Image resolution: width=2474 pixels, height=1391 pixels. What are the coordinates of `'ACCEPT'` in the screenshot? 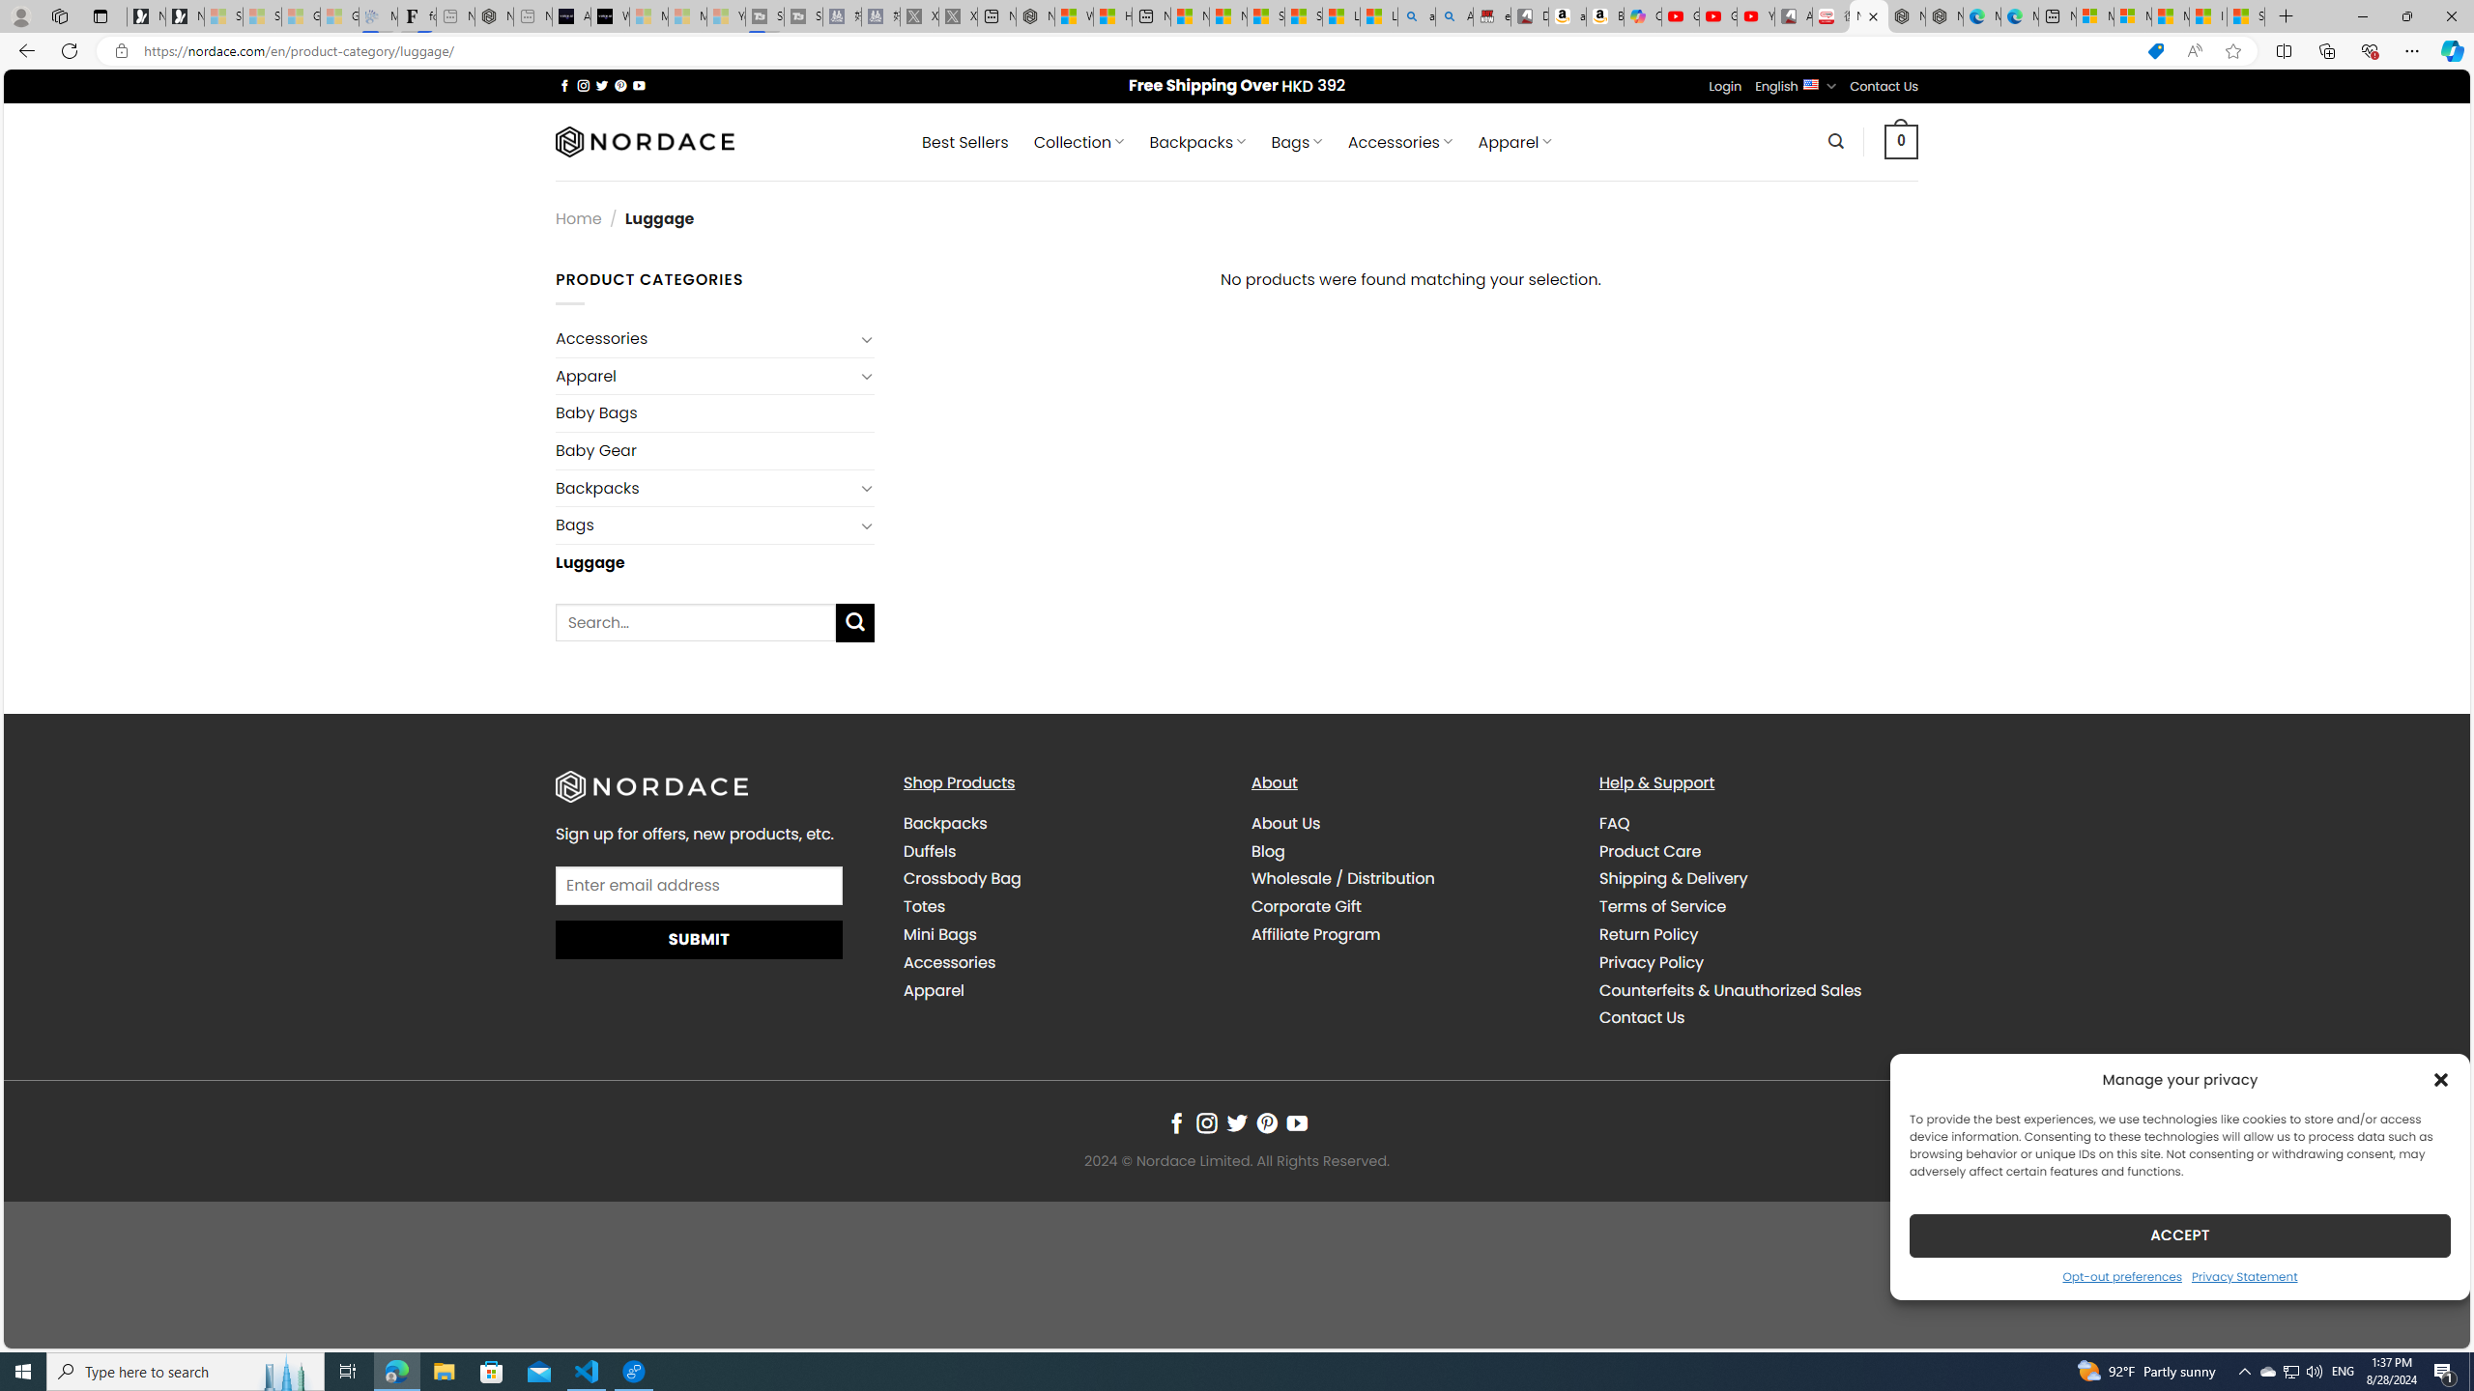 It's located at (2179, 1235).